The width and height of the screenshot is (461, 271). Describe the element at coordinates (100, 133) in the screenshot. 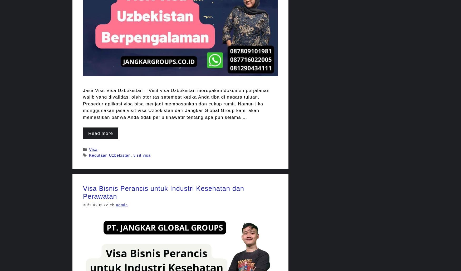

I see `'Read more'` at that location.